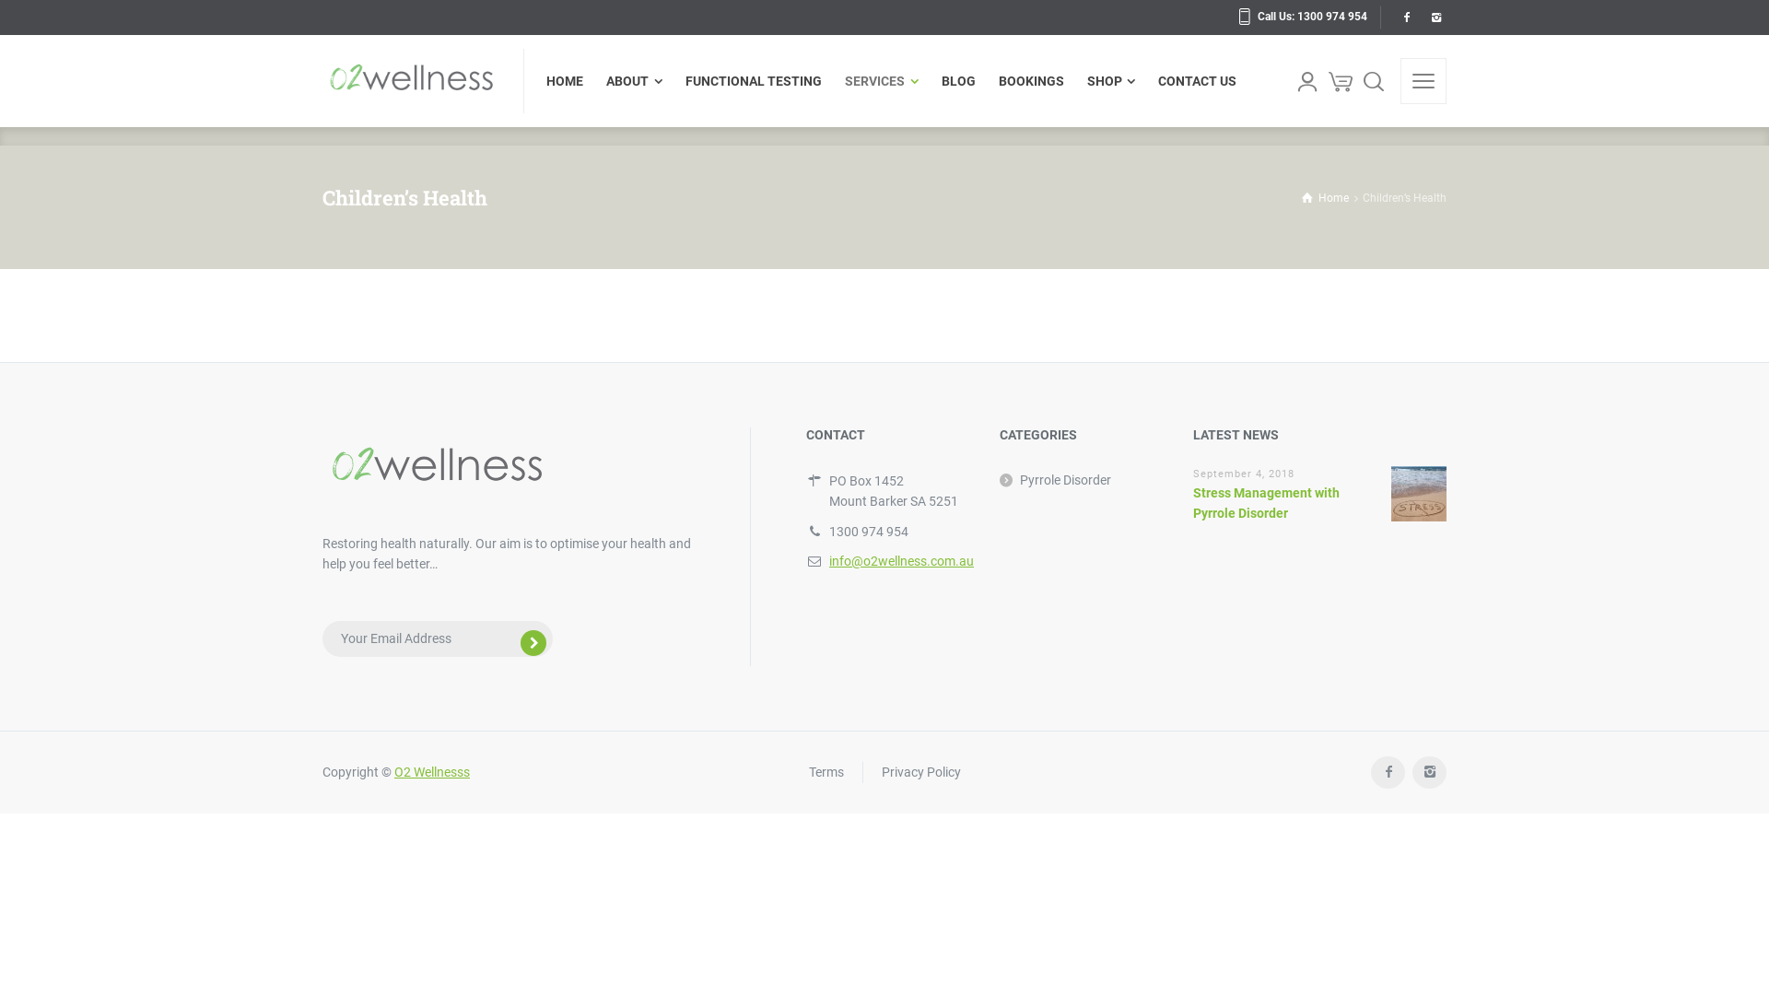 Image resolution: width=1769 pixels, height=995 pixels. Describe the element at coordinates (1357, 80) in the screenshot. I see `'Search'` at that location.